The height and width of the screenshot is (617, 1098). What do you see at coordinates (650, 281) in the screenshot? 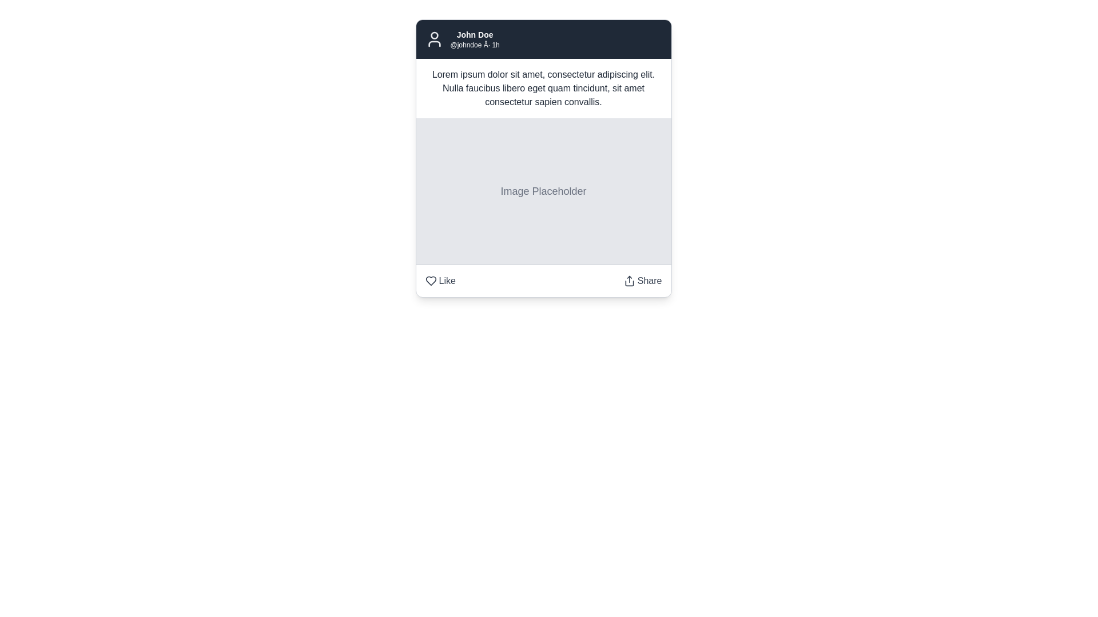
I see `the sharing text link located in the bottom-right corner of the content card, adjacent to the arrow icon` at bounding box center [650, 281].